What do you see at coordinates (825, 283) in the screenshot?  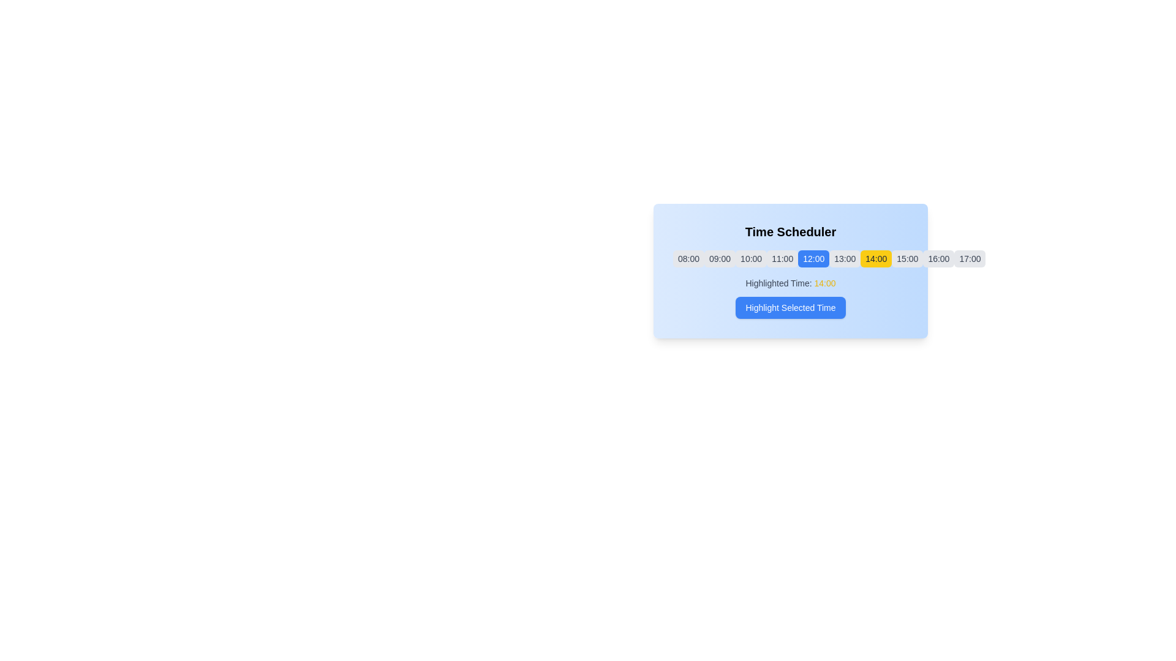 I see `highlighted time text '14:00' displayed in yellow within the phrase 'Highlighted Time: 14:00' at the bottom center of the 'Time Scheduler' card` at bounding box center [825, 283].